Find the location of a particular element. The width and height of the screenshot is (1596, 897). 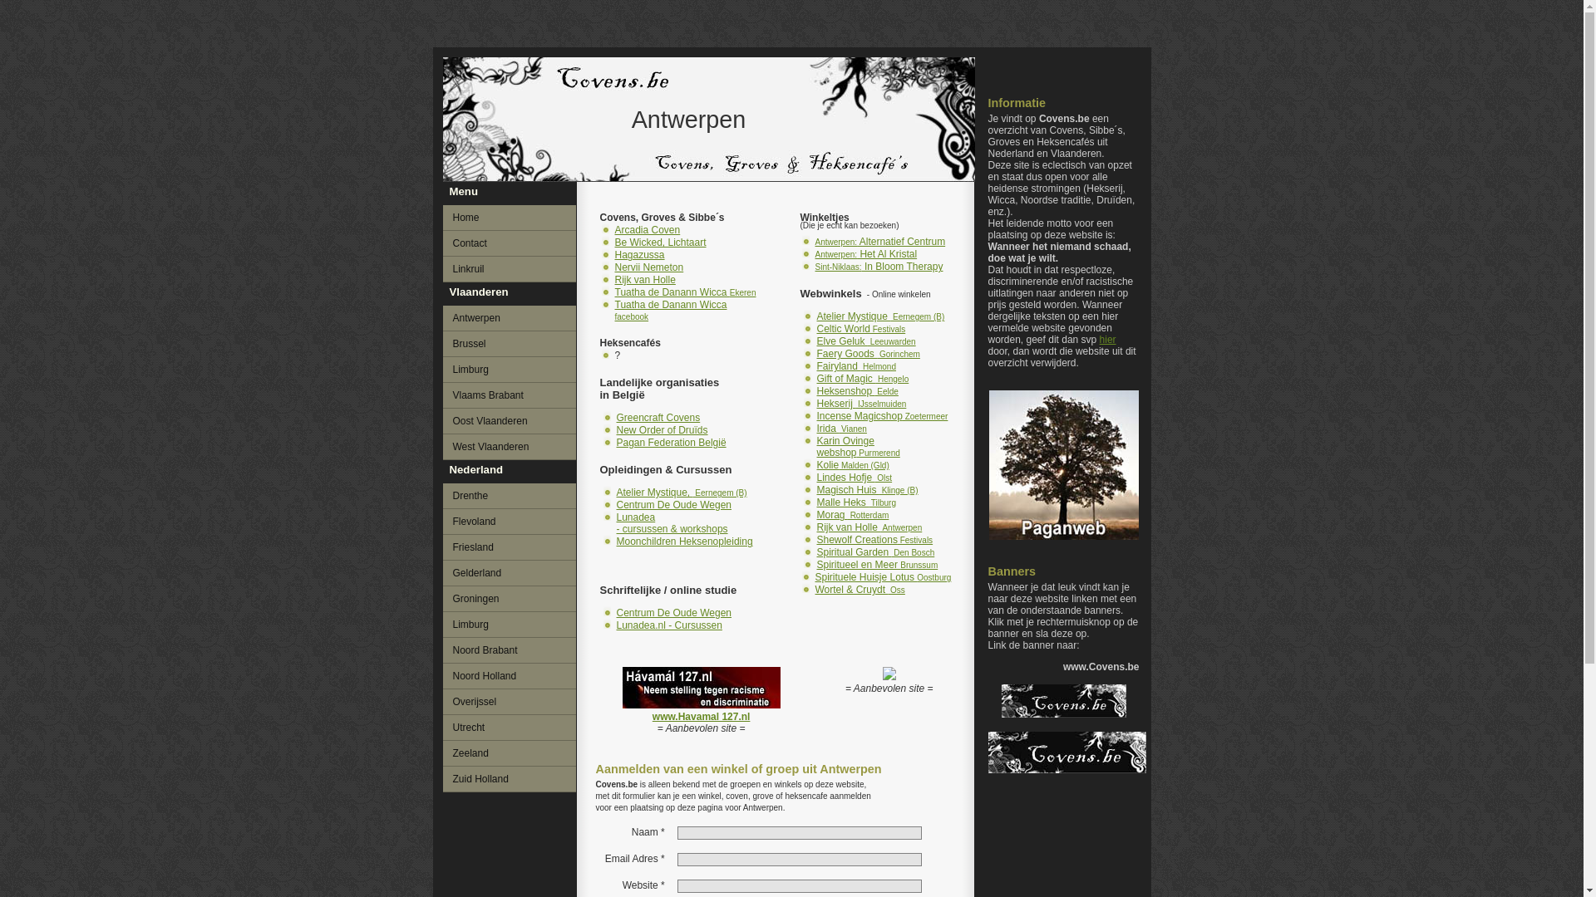

'Hekserij  IJsselmuiden' is located at coordinates (816, 404).